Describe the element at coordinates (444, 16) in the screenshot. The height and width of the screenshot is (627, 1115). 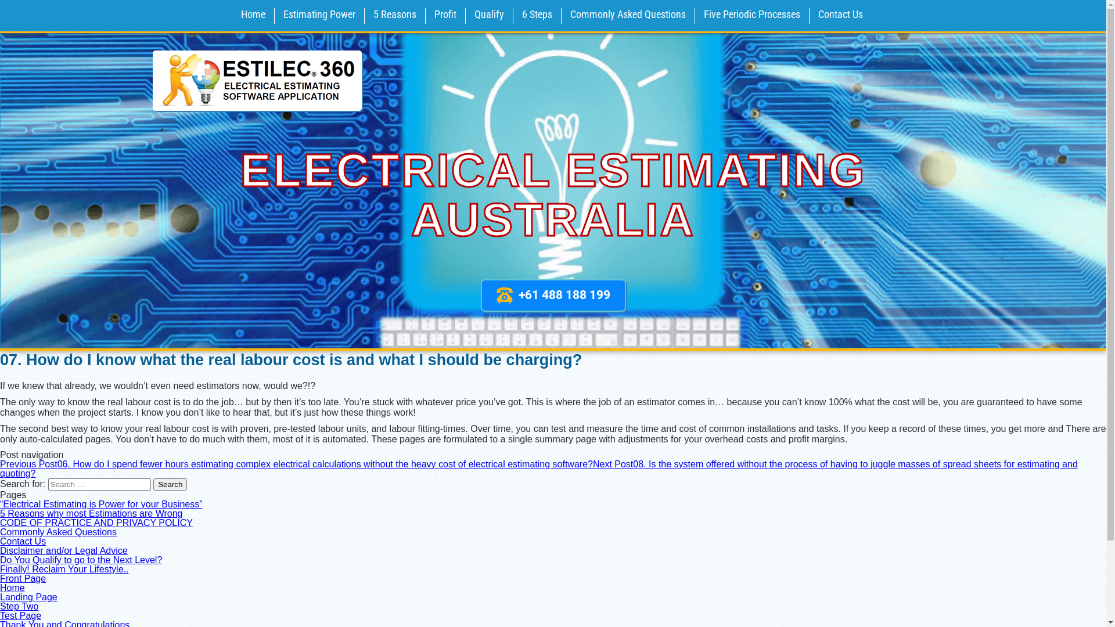
I see `'Profit'` at that location.